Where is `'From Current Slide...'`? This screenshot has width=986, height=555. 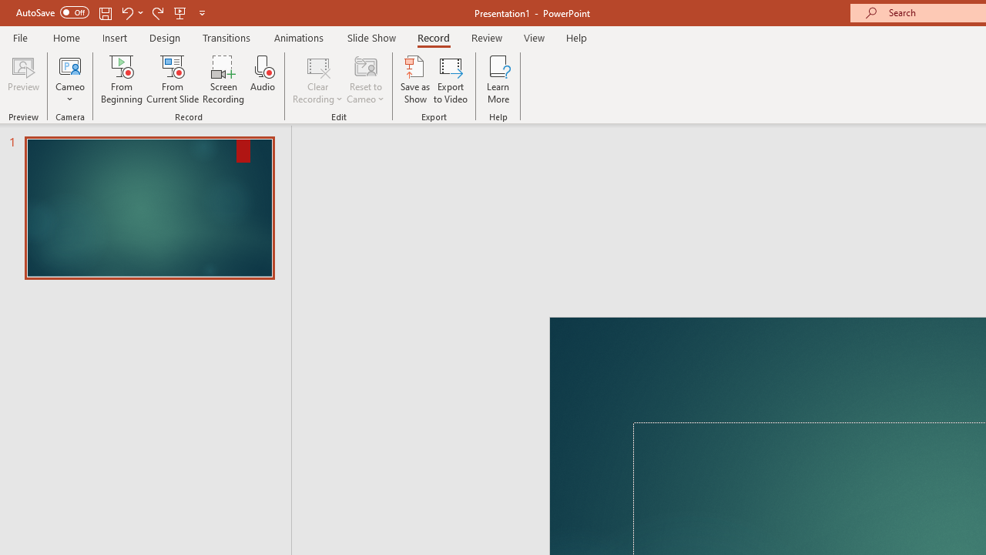
'From Current Slide...' is located at coordinates (173, 79).